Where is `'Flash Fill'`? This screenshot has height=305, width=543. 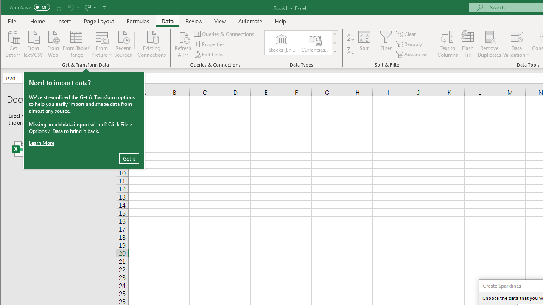
'Flash Fill' is located at coordinates (467, 44).